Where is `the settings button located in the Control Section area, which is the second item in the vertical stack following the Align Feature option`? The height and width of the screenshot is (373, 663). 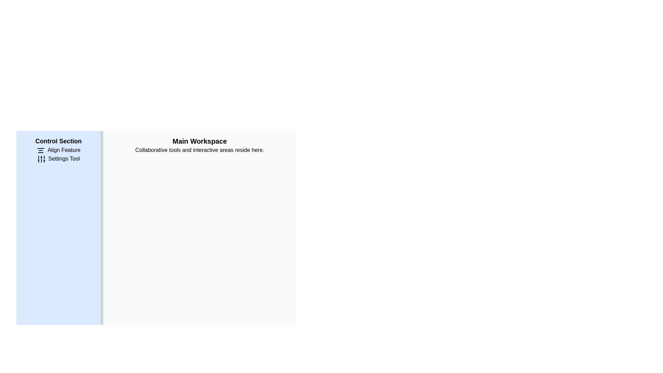
the settings button located in the Control Section area, which is the second item in the vertical stack following the Align Feature option is located at coordinates (58, 159).